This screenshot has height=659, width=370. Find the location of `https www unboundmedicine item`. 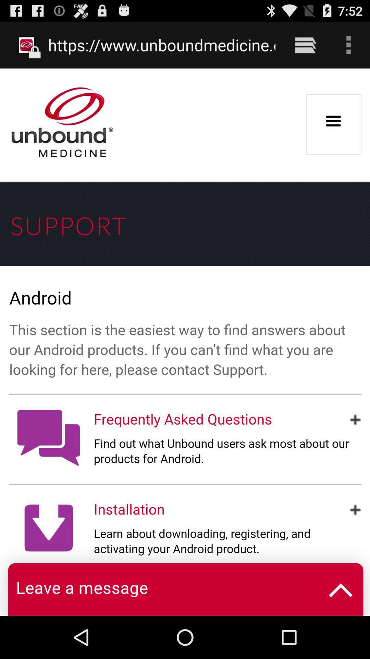

https www unboundmedicine item is located at coordinates (162, 45).